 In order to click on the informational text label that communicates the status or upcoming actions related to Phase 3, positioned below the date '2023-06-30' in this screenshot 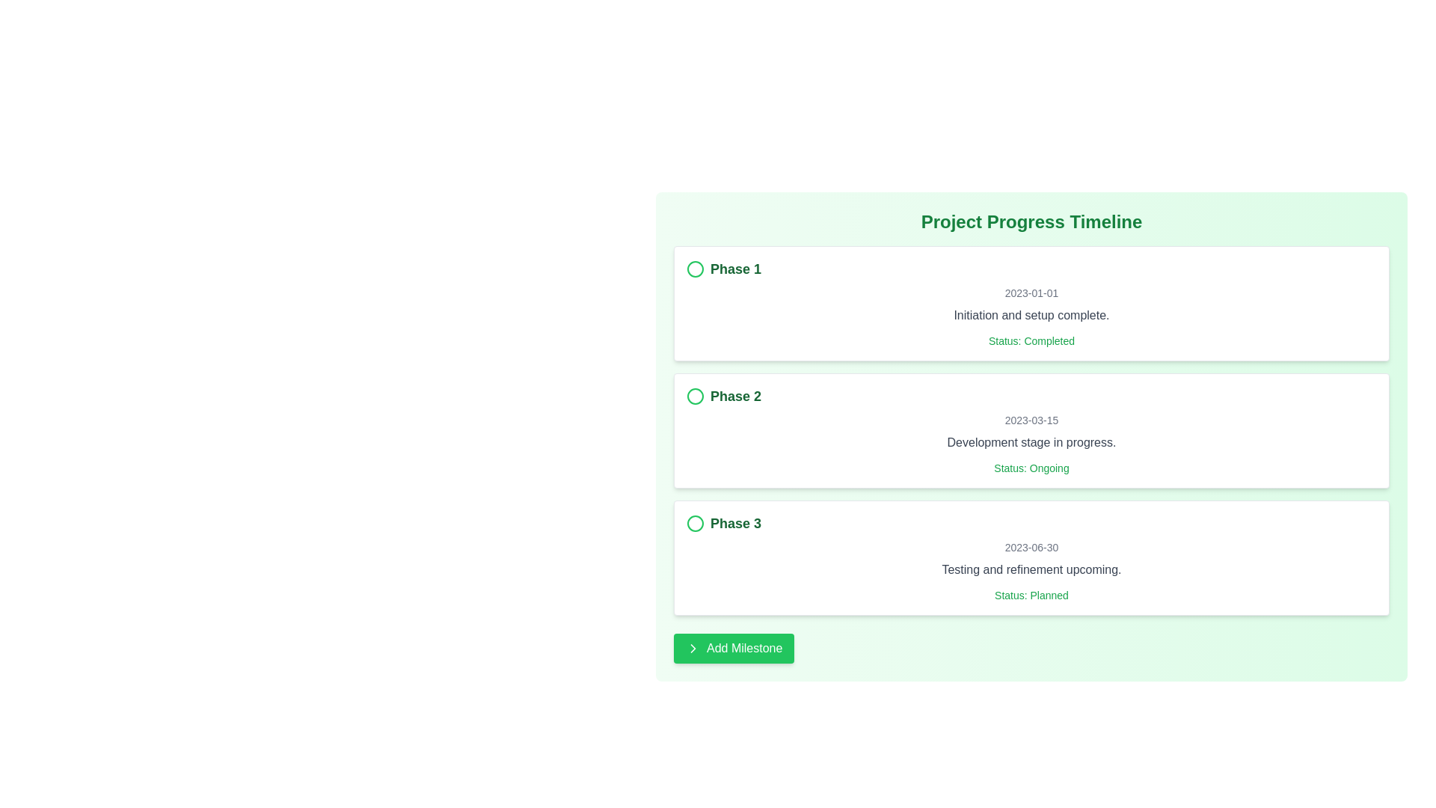, I will do `click(1031, 570)`.